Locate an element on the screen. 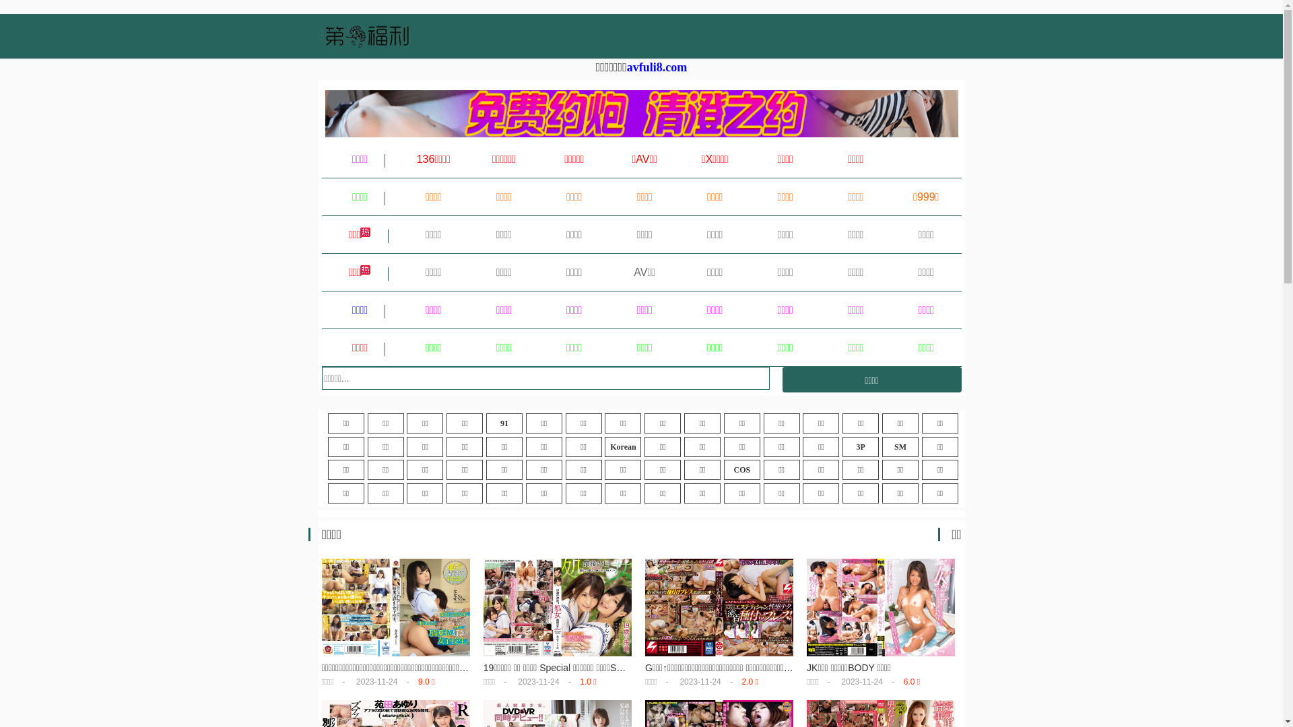  'COS' is located at coordinates (741, 469).